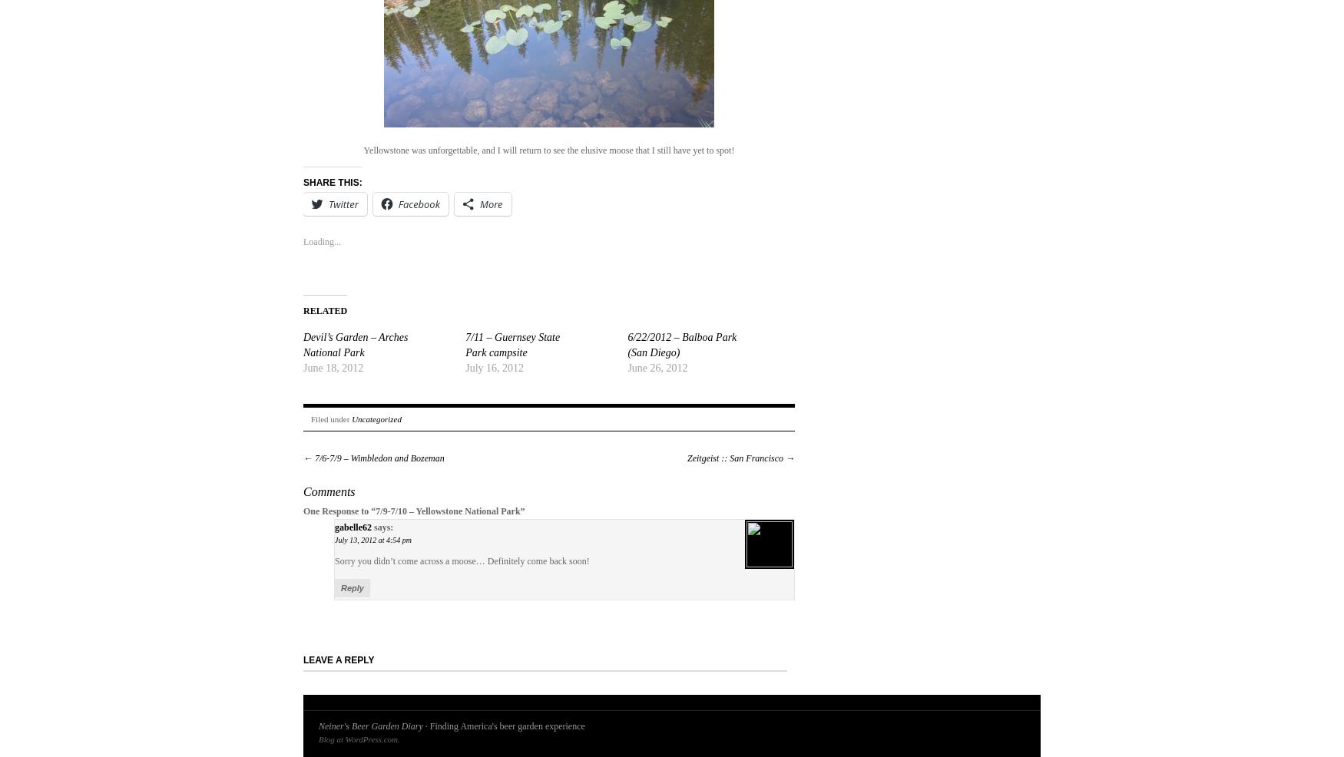 Image resolution: width=1344 pixels, height=757 pixels. Describe the element at coordinates (353, 527) in the screenshot. I see `'gabelle62'` at that location.